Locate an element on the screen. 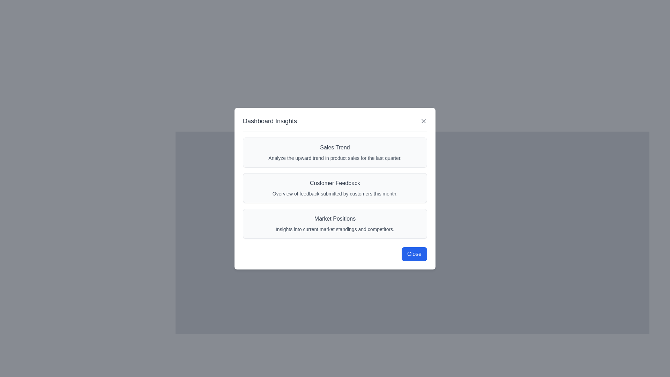  the third Information card located in the modal, positioned below the 'Customer Feedback' card is located at coordinates (335, 223).